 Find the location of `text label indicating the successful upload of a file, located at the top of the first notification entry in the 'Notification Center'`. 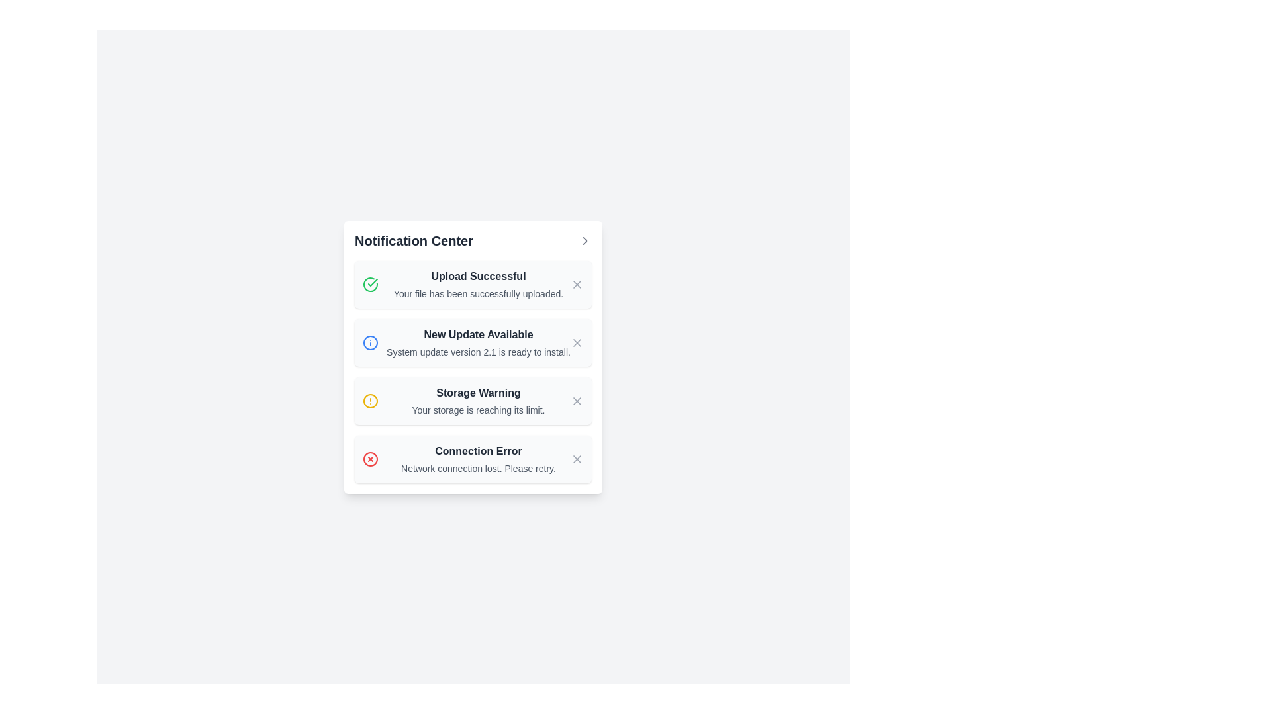

text label indicating the successful upload of a file, located at the top of the first notification entry in the 'Notification Center' is located at coordinates (478, 275).